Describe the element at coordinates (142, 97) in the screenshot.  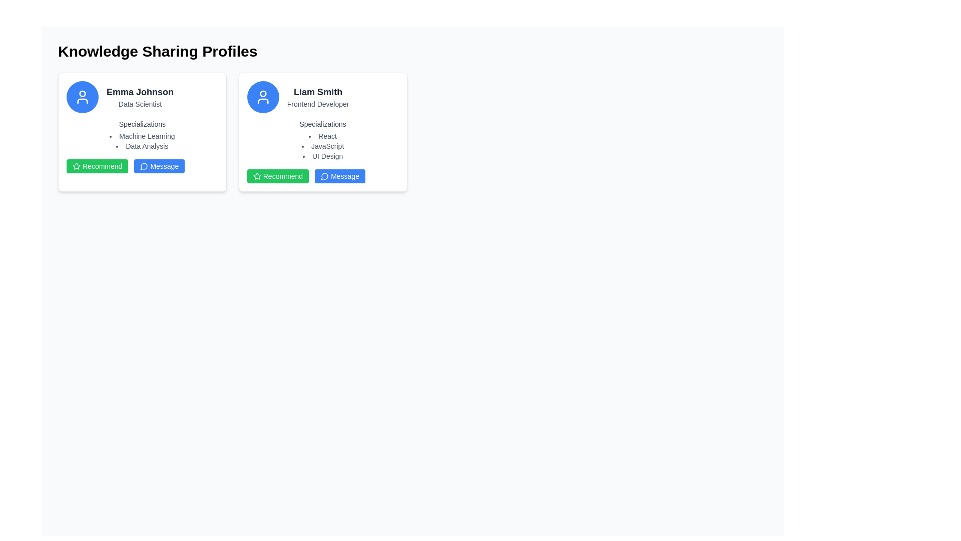
I see `the main header text element located at the top section of the card, which indicates the name and role of the profile being described` at that location.